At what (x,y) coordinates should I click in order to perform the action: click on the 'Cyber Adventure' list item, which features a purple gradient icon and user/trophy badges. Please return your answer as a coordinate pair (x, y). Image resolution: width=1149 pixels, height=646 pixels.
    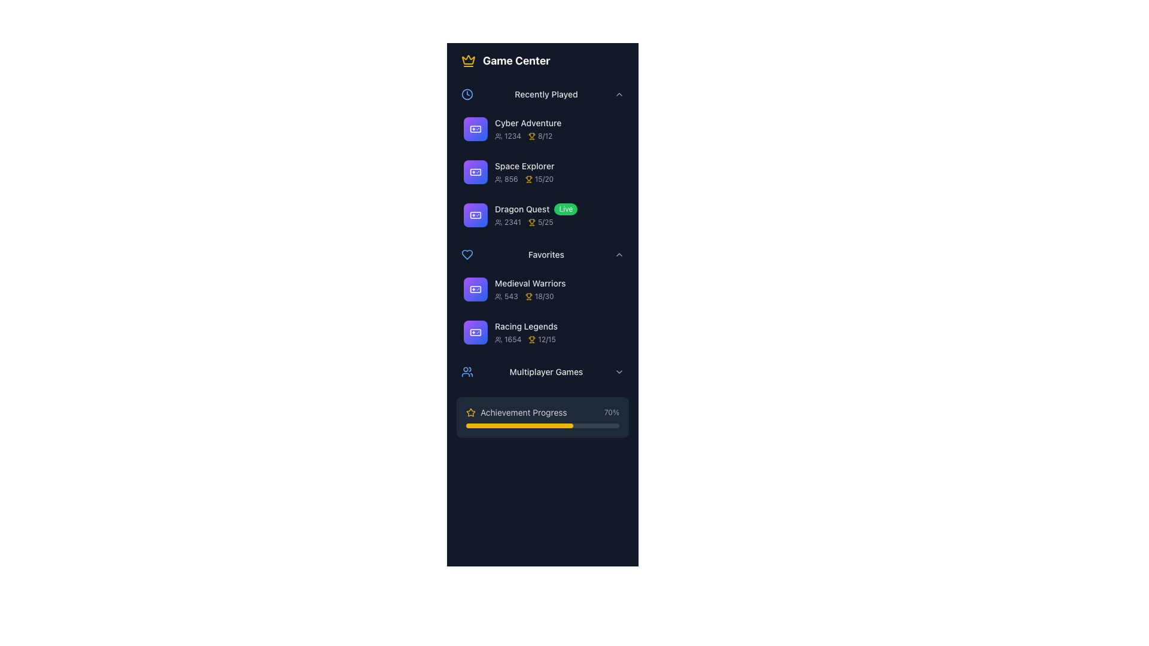
    Looking at the image, I should click on (542, 129).